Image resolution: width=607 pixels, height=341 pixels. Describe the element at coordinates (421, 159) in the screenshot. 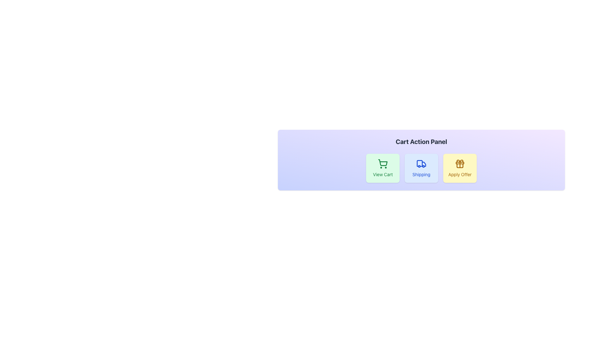

I see `one of the buttons in the 'Cart Action Panel', which contains buttons labeled 'View Cart', 'Shipping', and 'Apply Offer'` at that location.